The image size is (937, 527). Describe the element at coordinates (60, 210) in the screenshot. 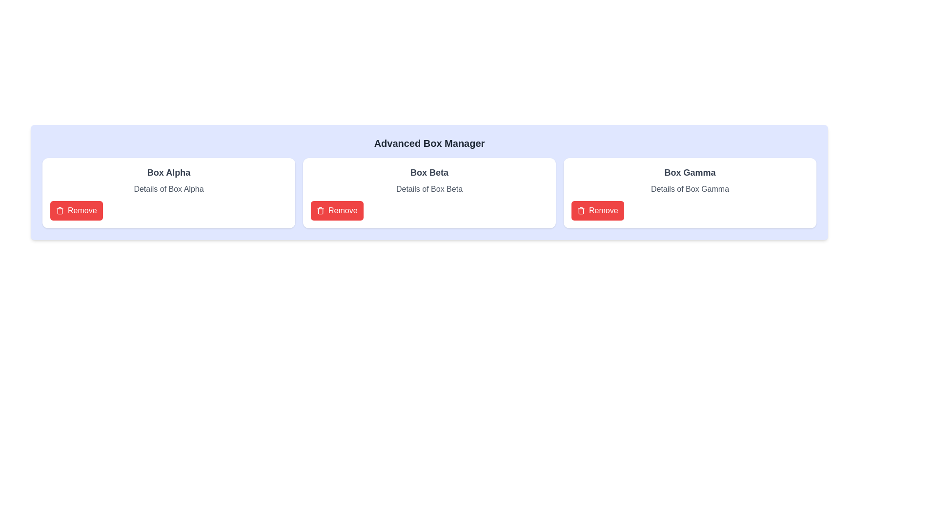

I see `the small trash bin icon located inside the red 'Remove' button at the bottom-left corner of the 'Box Alpha' frame` at that location.